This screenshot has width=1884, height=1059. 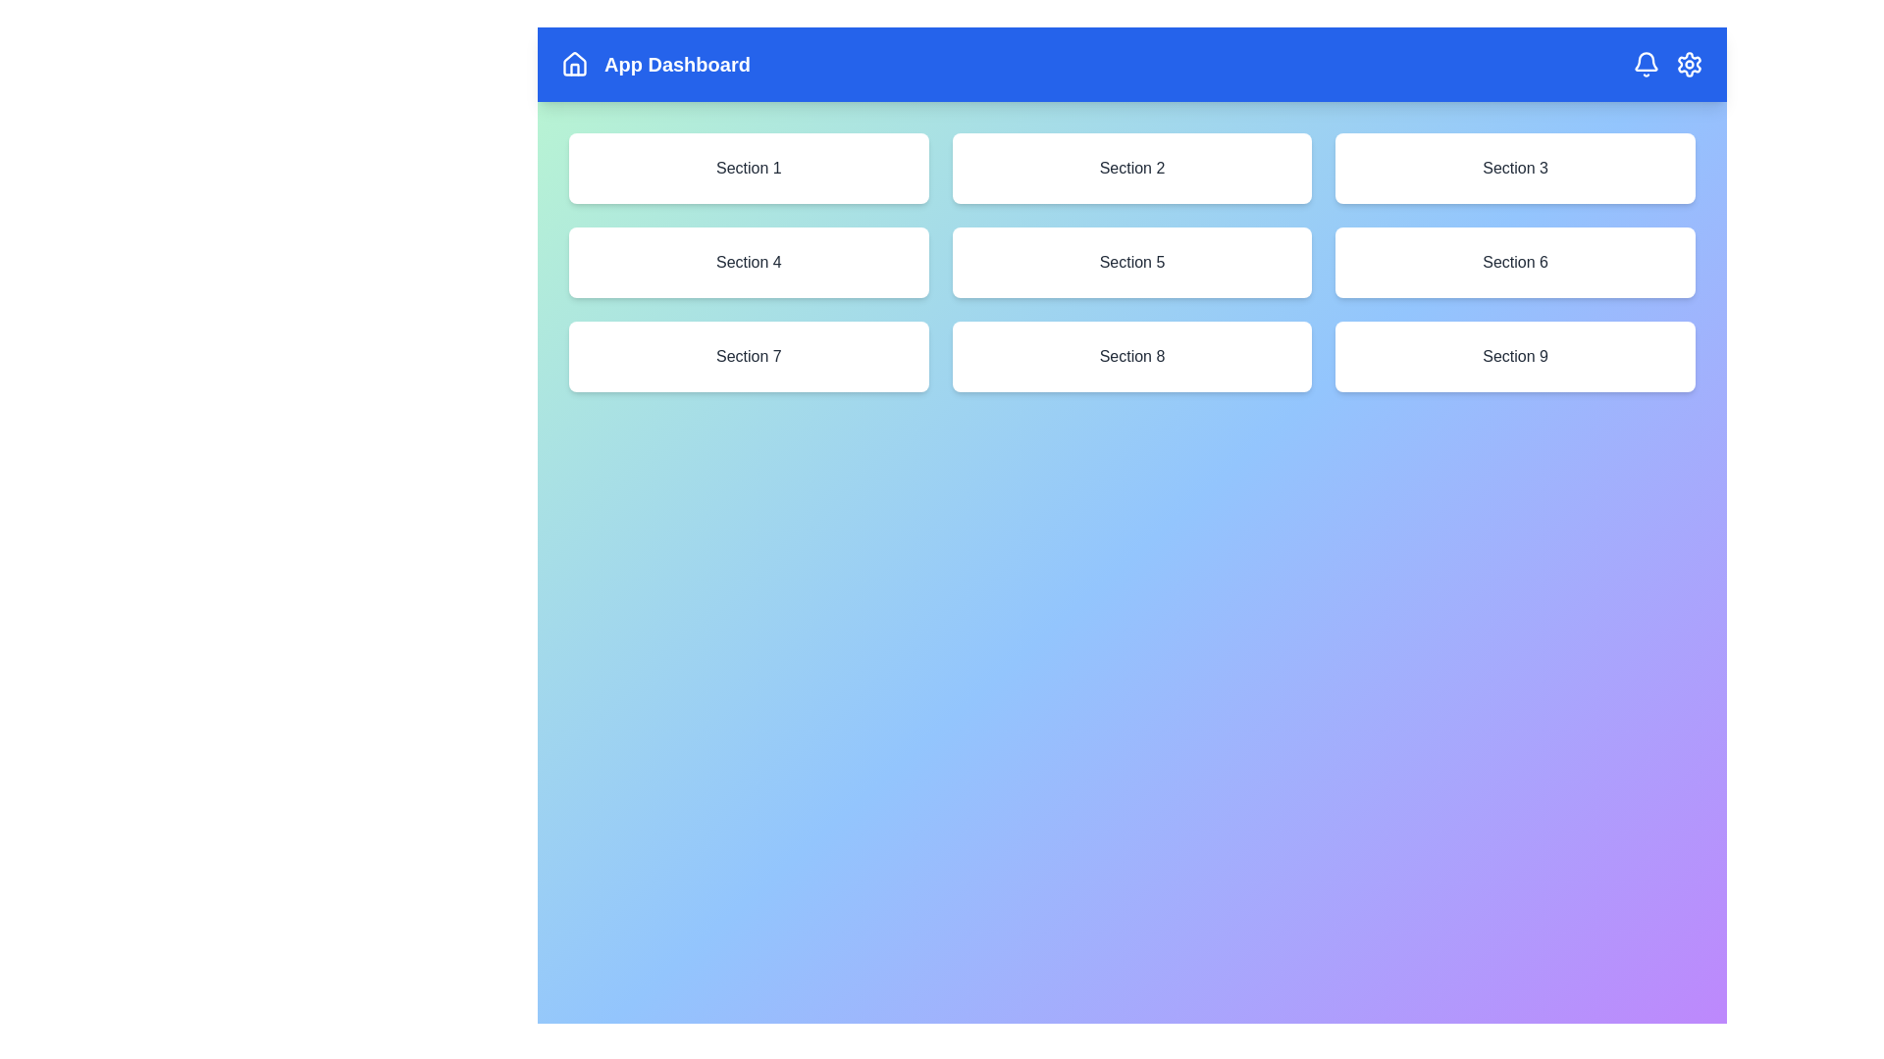 I want to click on the title text 'App Dashboard' in the top bar of the UI, so click(x=677, y=63).